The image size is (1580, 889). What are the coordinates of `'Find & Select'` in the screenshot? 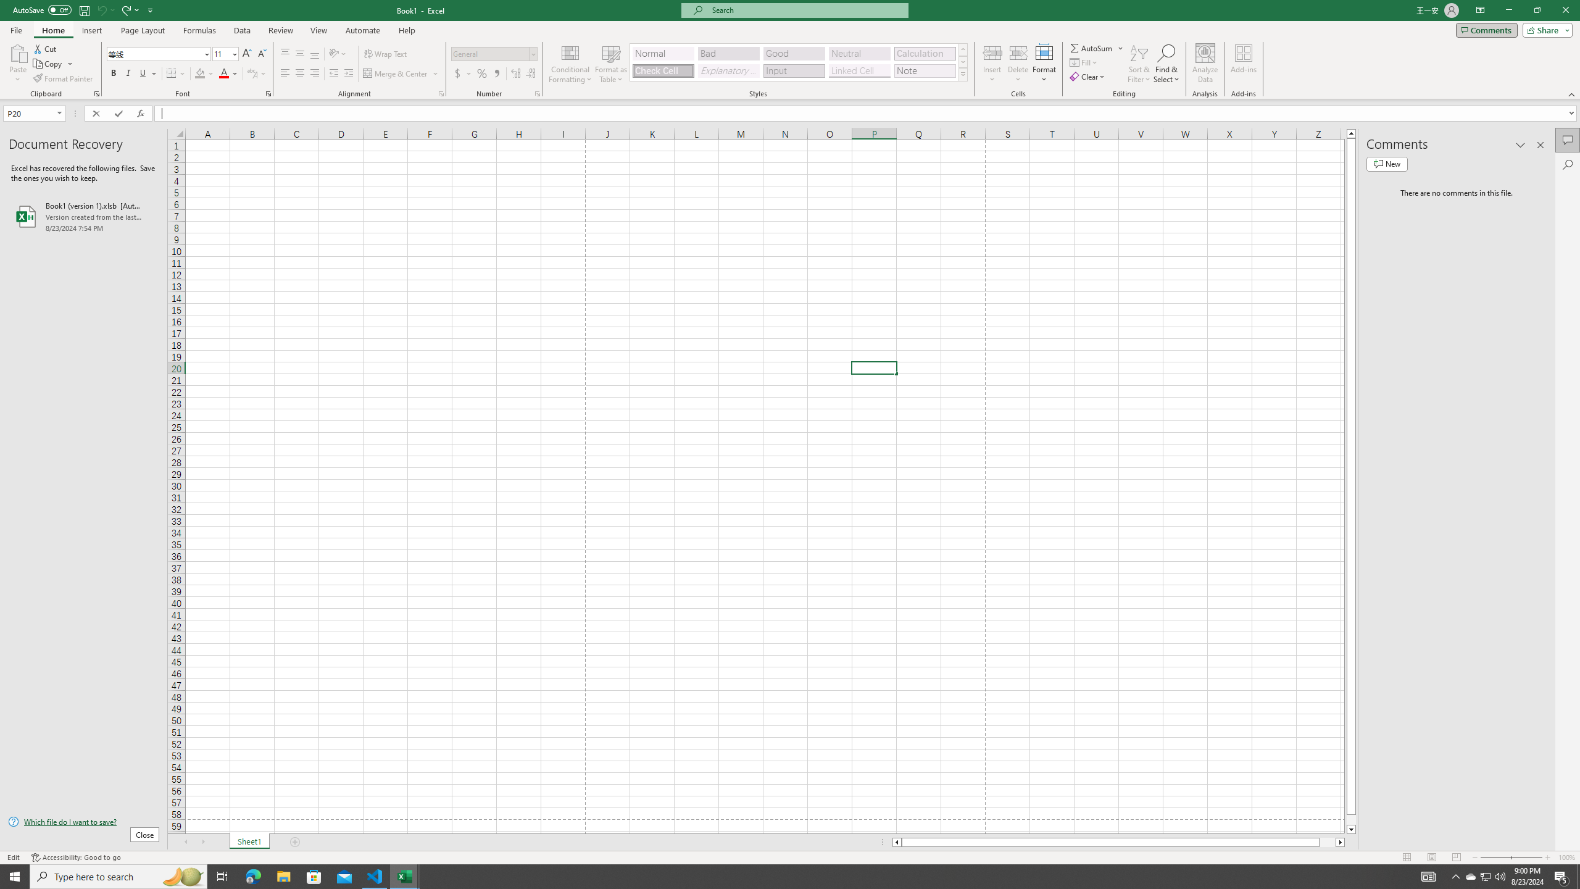 It's located at (1166, 64).